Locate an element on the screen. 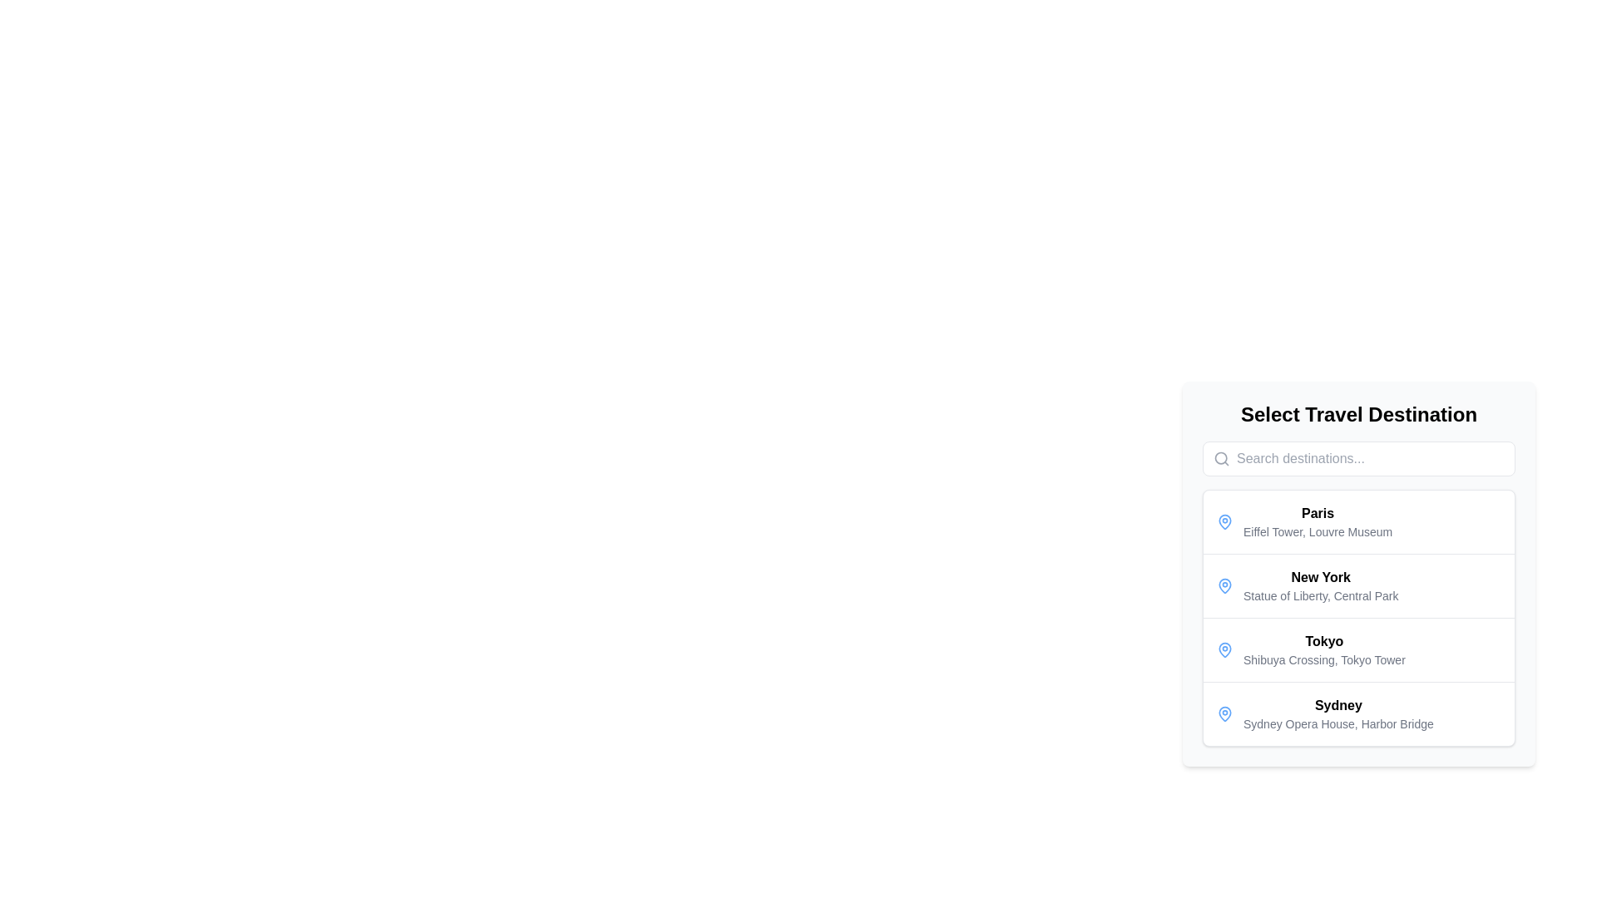 The image size is (1597, 898). the selectable list item titled 'Paris' which has a blue pin icon and includes text 'Eiffel Tower, Louvre Museum' is located at coordinates (1358, 521).